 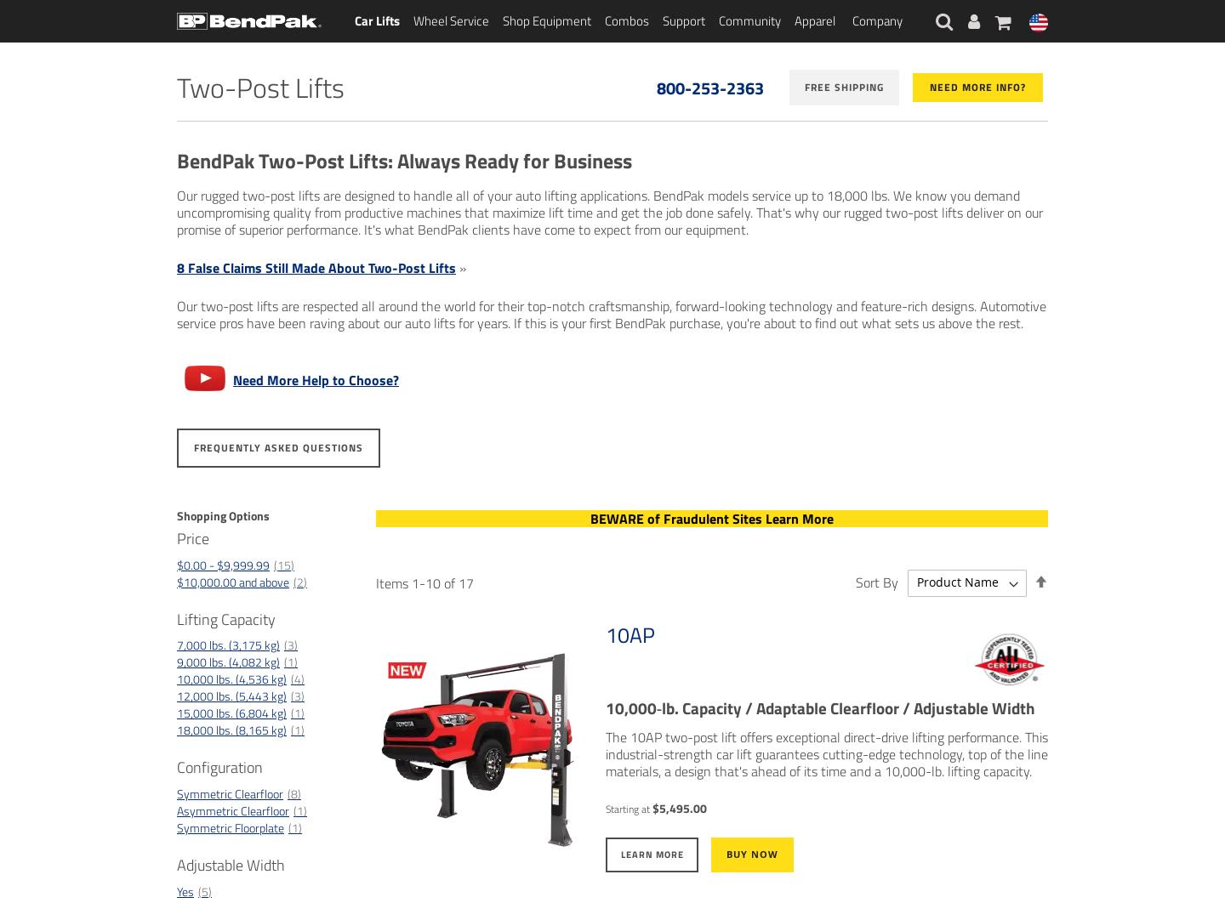 I want to click on 'Company', so click(x=877, y=20).